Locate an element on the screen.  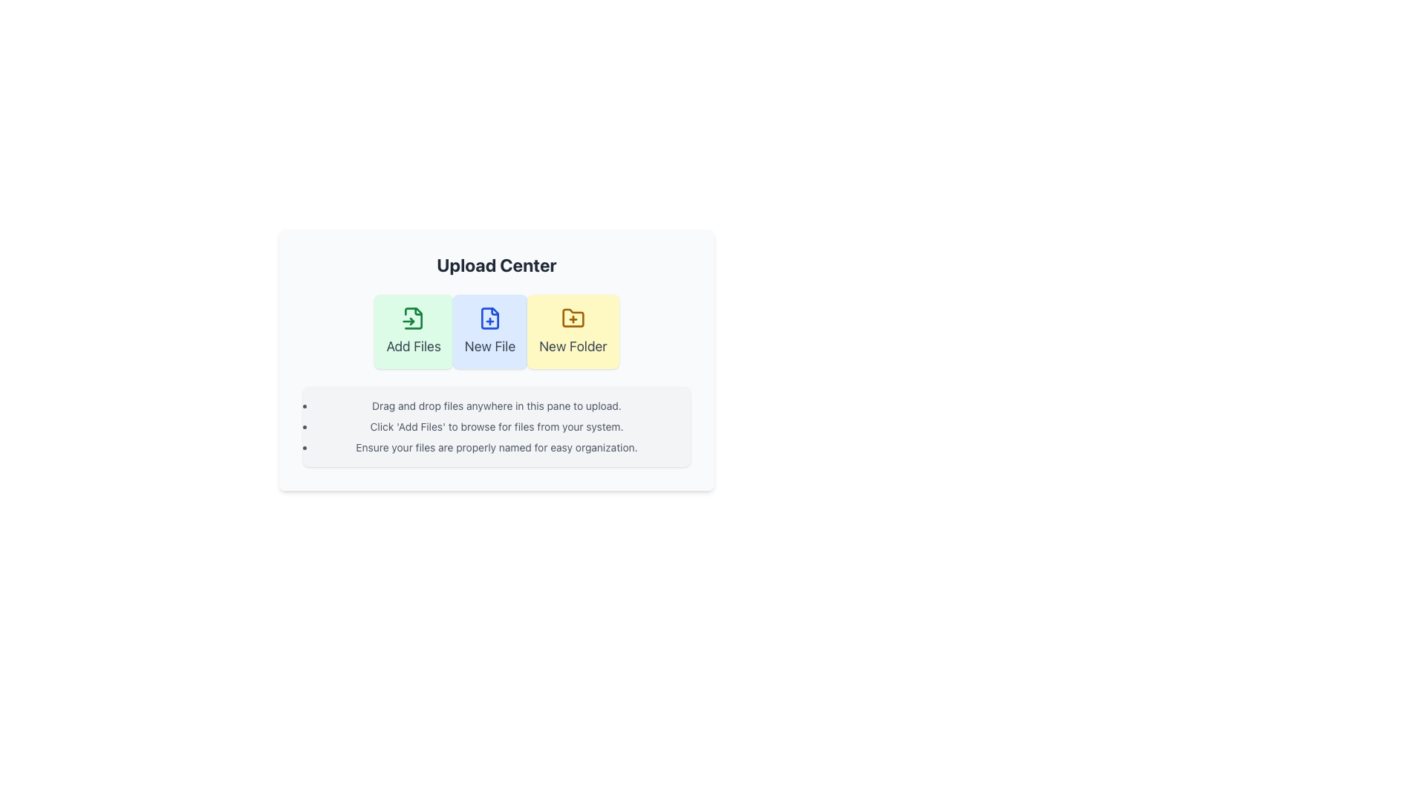
the static text label that provides guidelines for organizing uploaded files, located beneath the 'Upload Center' heading and the three buttons labeled 'Add Files', 'New File', and 'New Folder' is located at coordinates (496, 446).